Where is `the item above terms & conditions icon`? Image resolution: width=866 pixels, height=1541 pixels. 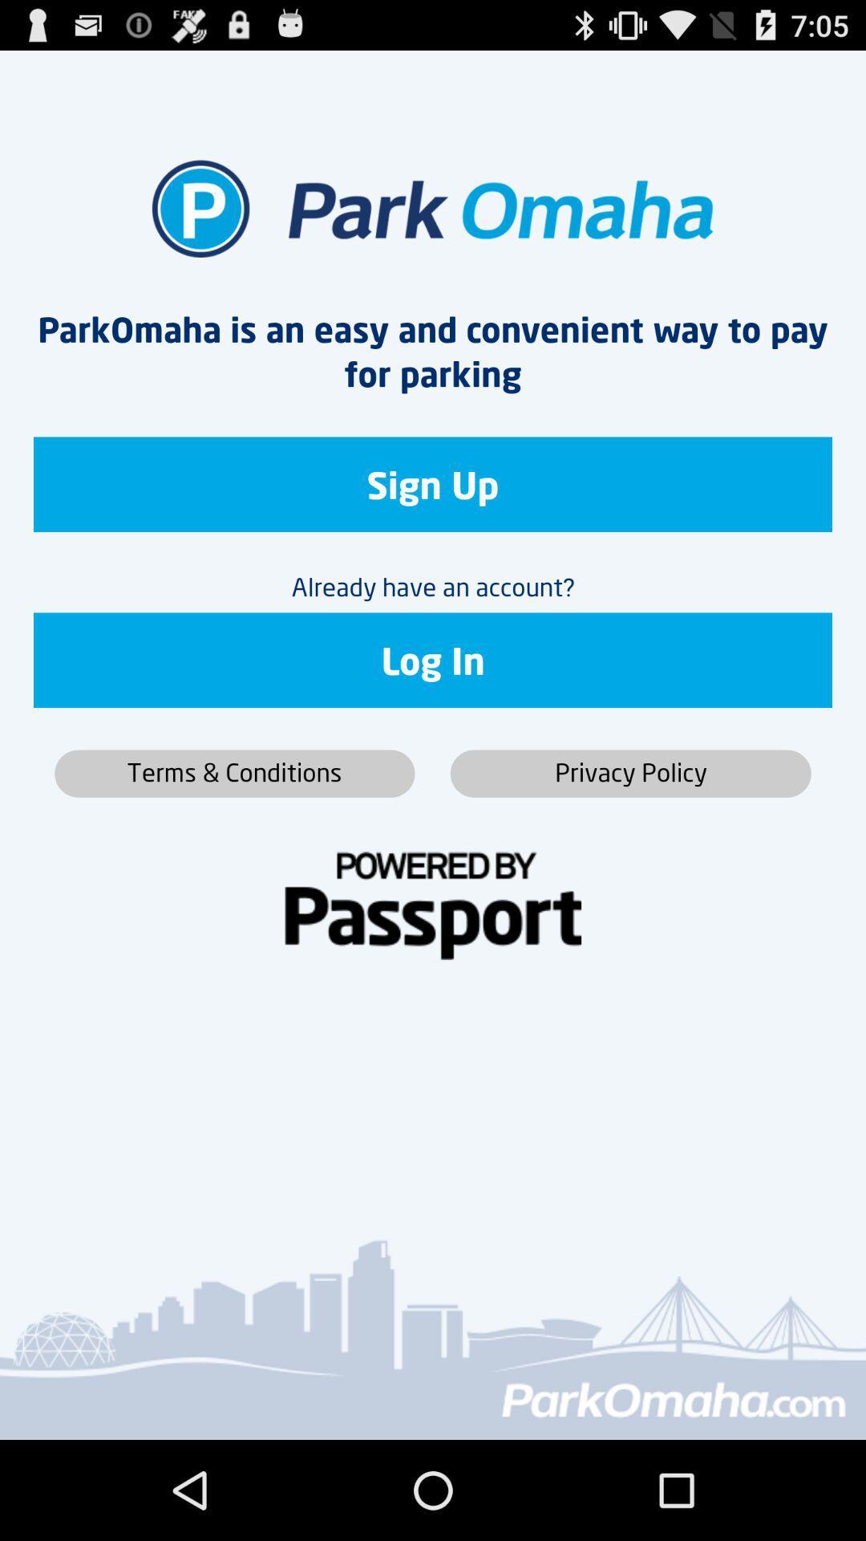 the item above terms & conditions icon is located at coordinates (433, 660).